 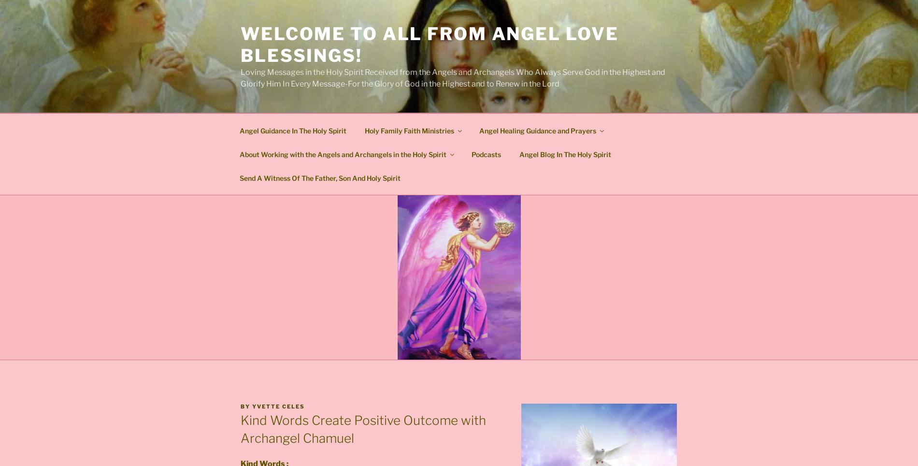 What do you see at coordinates (278, 406) in the screenshot?
I see `'Yvette Celes'` at bounding box center [278, 406].